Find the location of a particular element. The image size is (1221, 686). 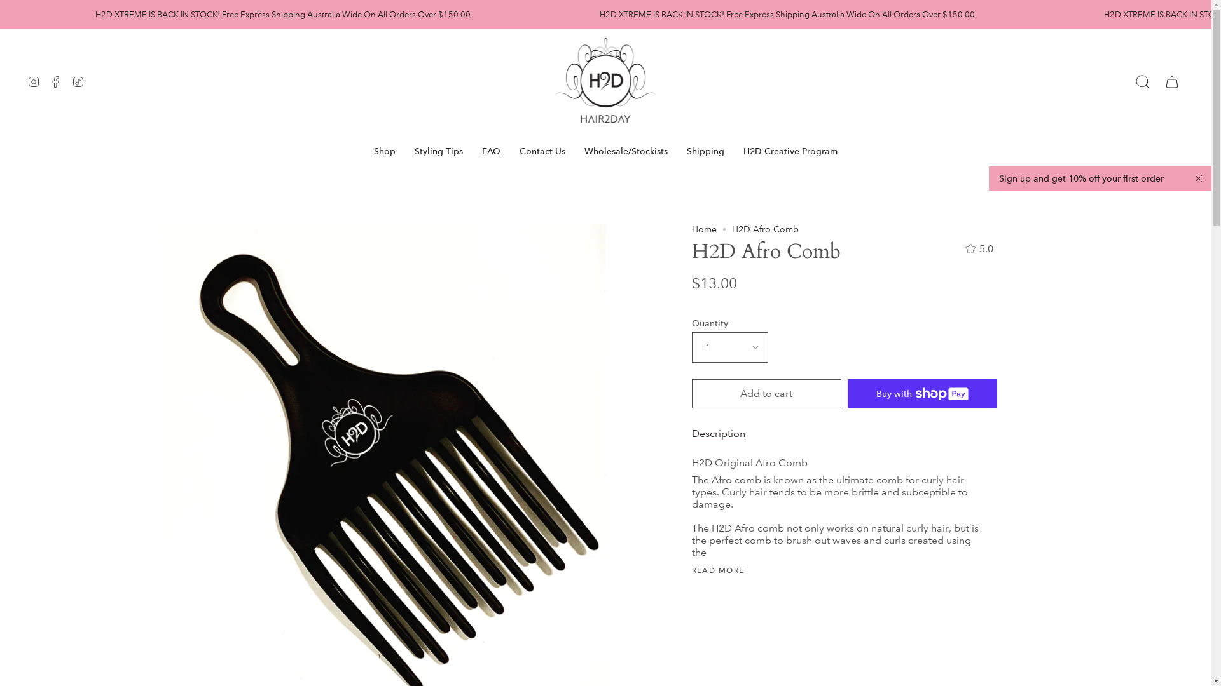

'Add to cart' is located at coordinates (766, 393).